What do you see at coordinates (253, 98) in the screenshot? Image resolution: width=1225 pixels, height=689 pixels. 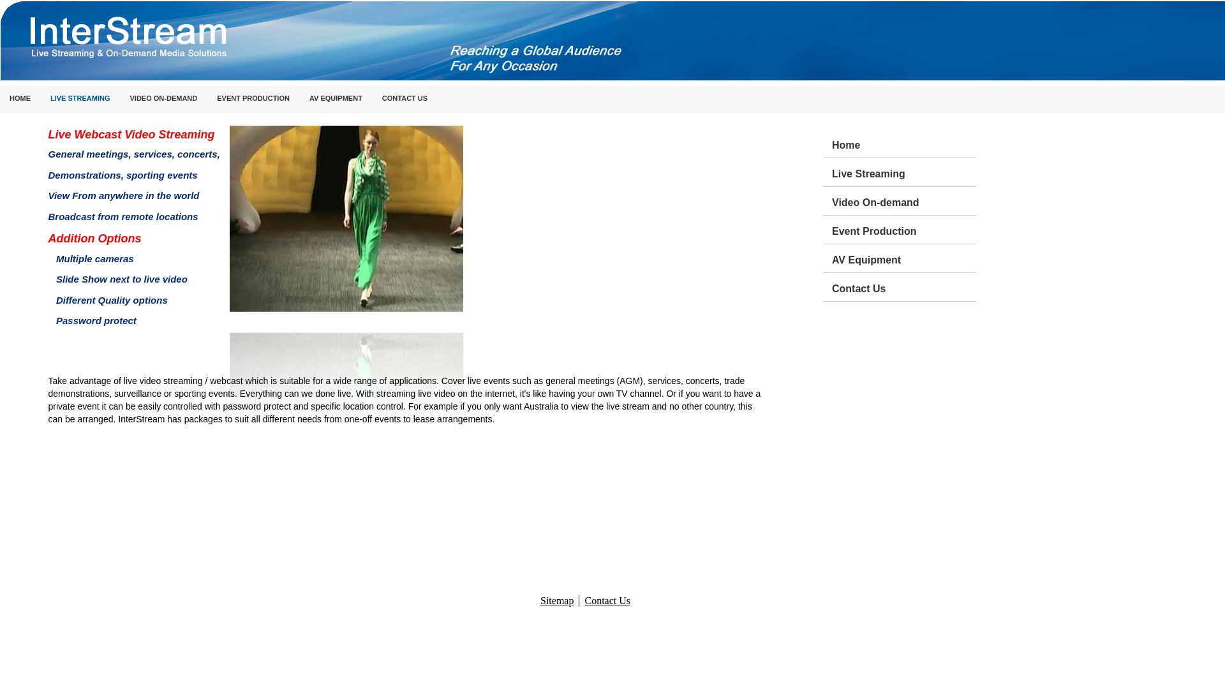 I see `'EVENT PRODUCTION'` at bounding box center [253, 98].